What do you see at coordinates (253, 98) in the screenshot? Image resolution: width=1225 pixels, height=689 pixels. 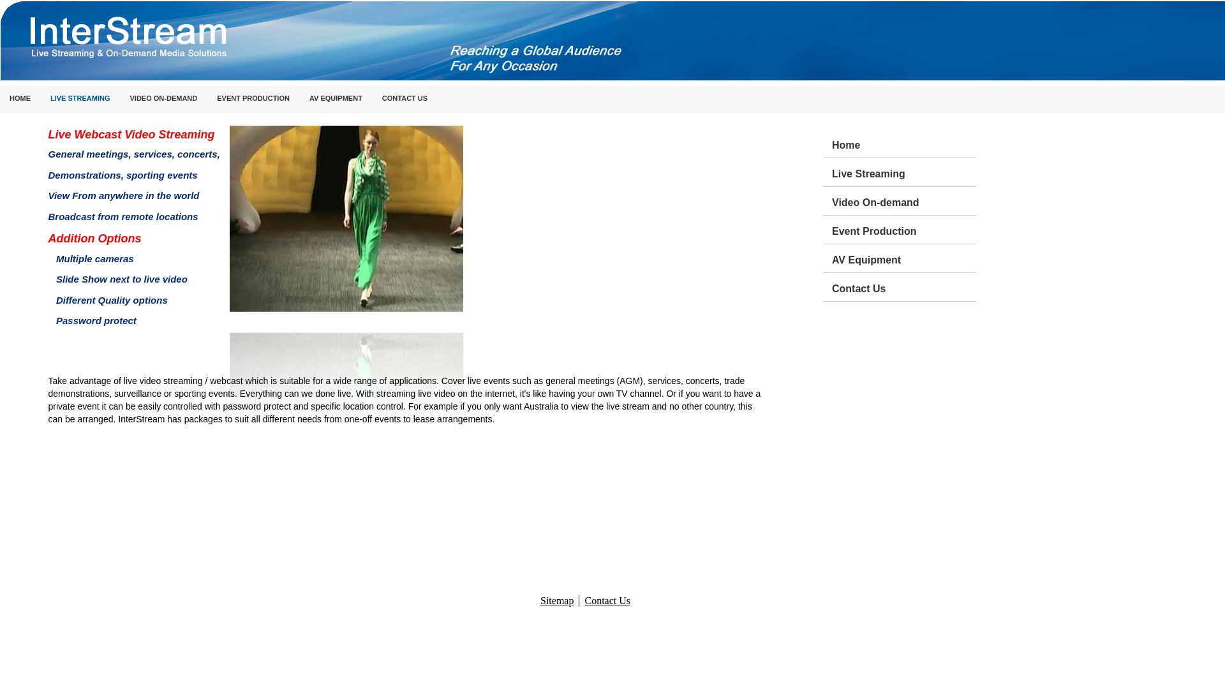 I see `'EVENT PRODUCTION'` at bounding box center [253, 98].